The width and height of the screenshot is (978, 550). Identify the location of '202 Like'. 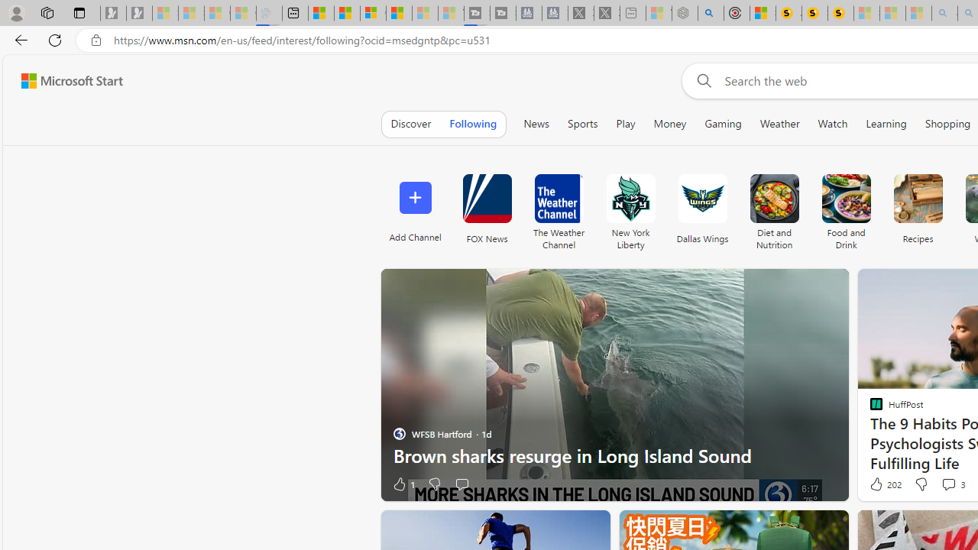
(884, 484).